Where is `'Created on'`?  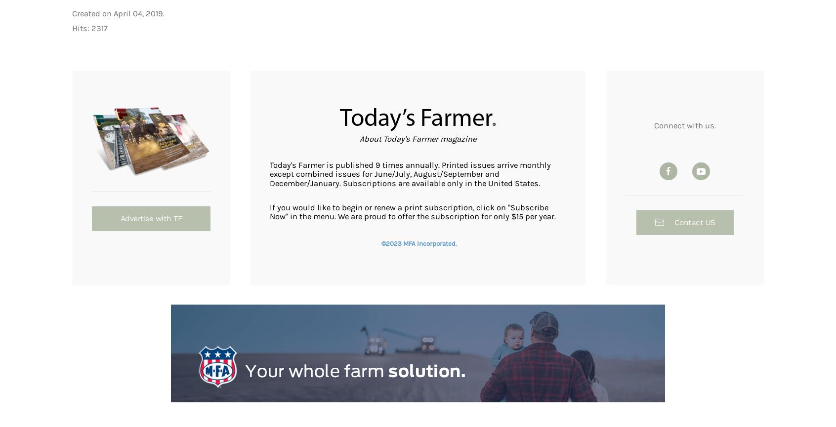 'Created on' is located at coordinates (92, 13).